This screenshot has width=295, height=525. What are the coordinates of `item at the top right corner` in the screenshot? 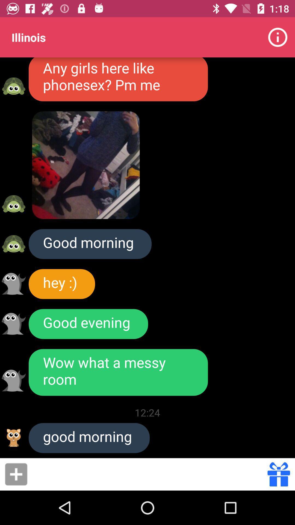 It's located at (278, 37).